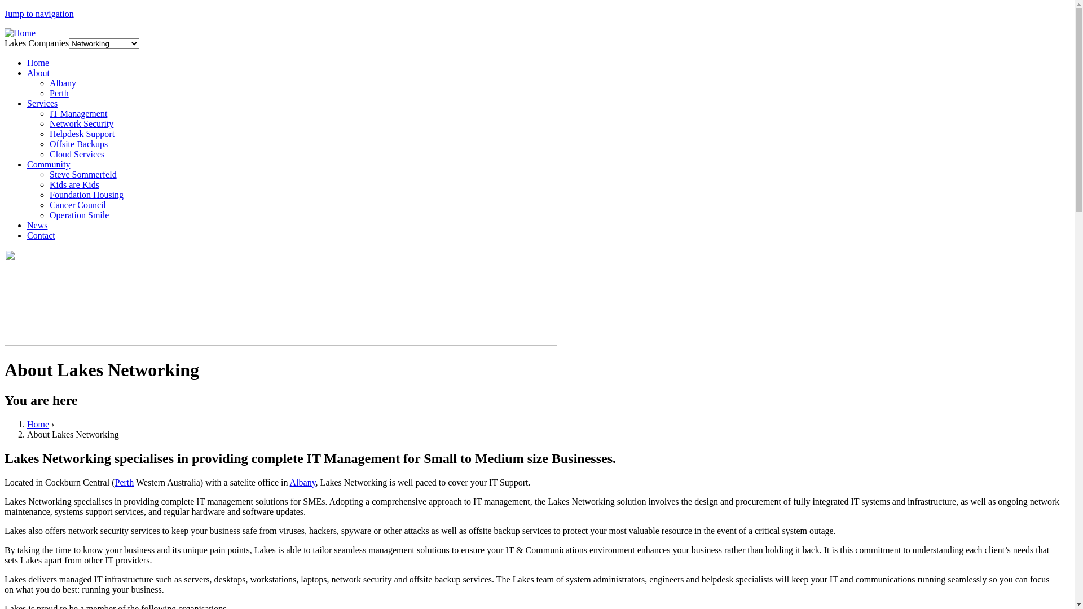 The image size is (1083, 609). What do you see at coordinates (303, 482) in the screenshot?
I see `'Albany'` at bounding box center [303, 482].